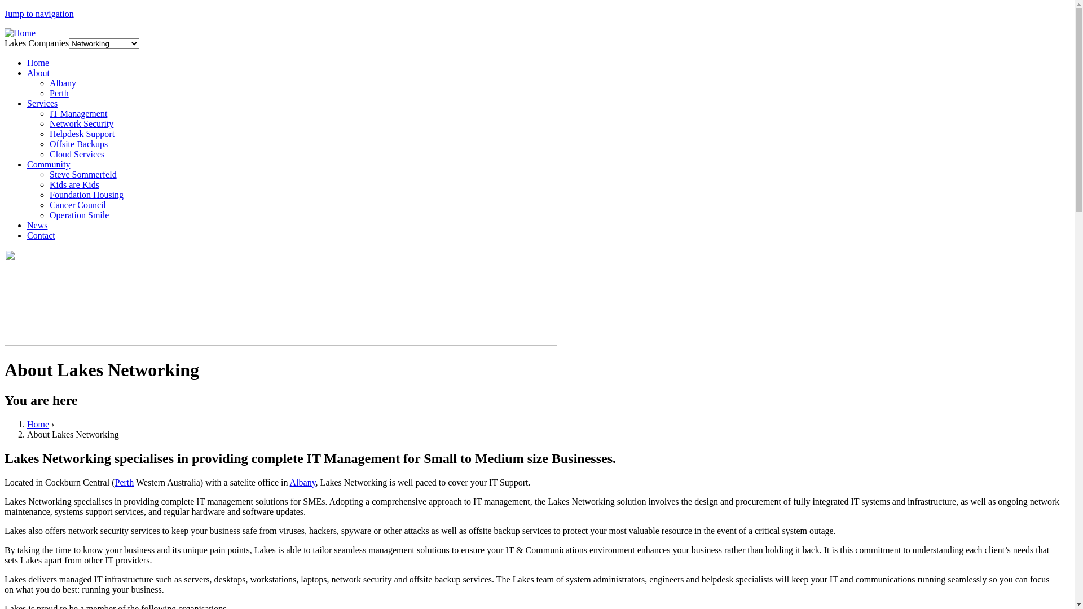 The image size is (1083, 609). What do you see at coordinates (303, 482) in the screenshot?
I see `'Albany'` at bounding box center [303, 482].